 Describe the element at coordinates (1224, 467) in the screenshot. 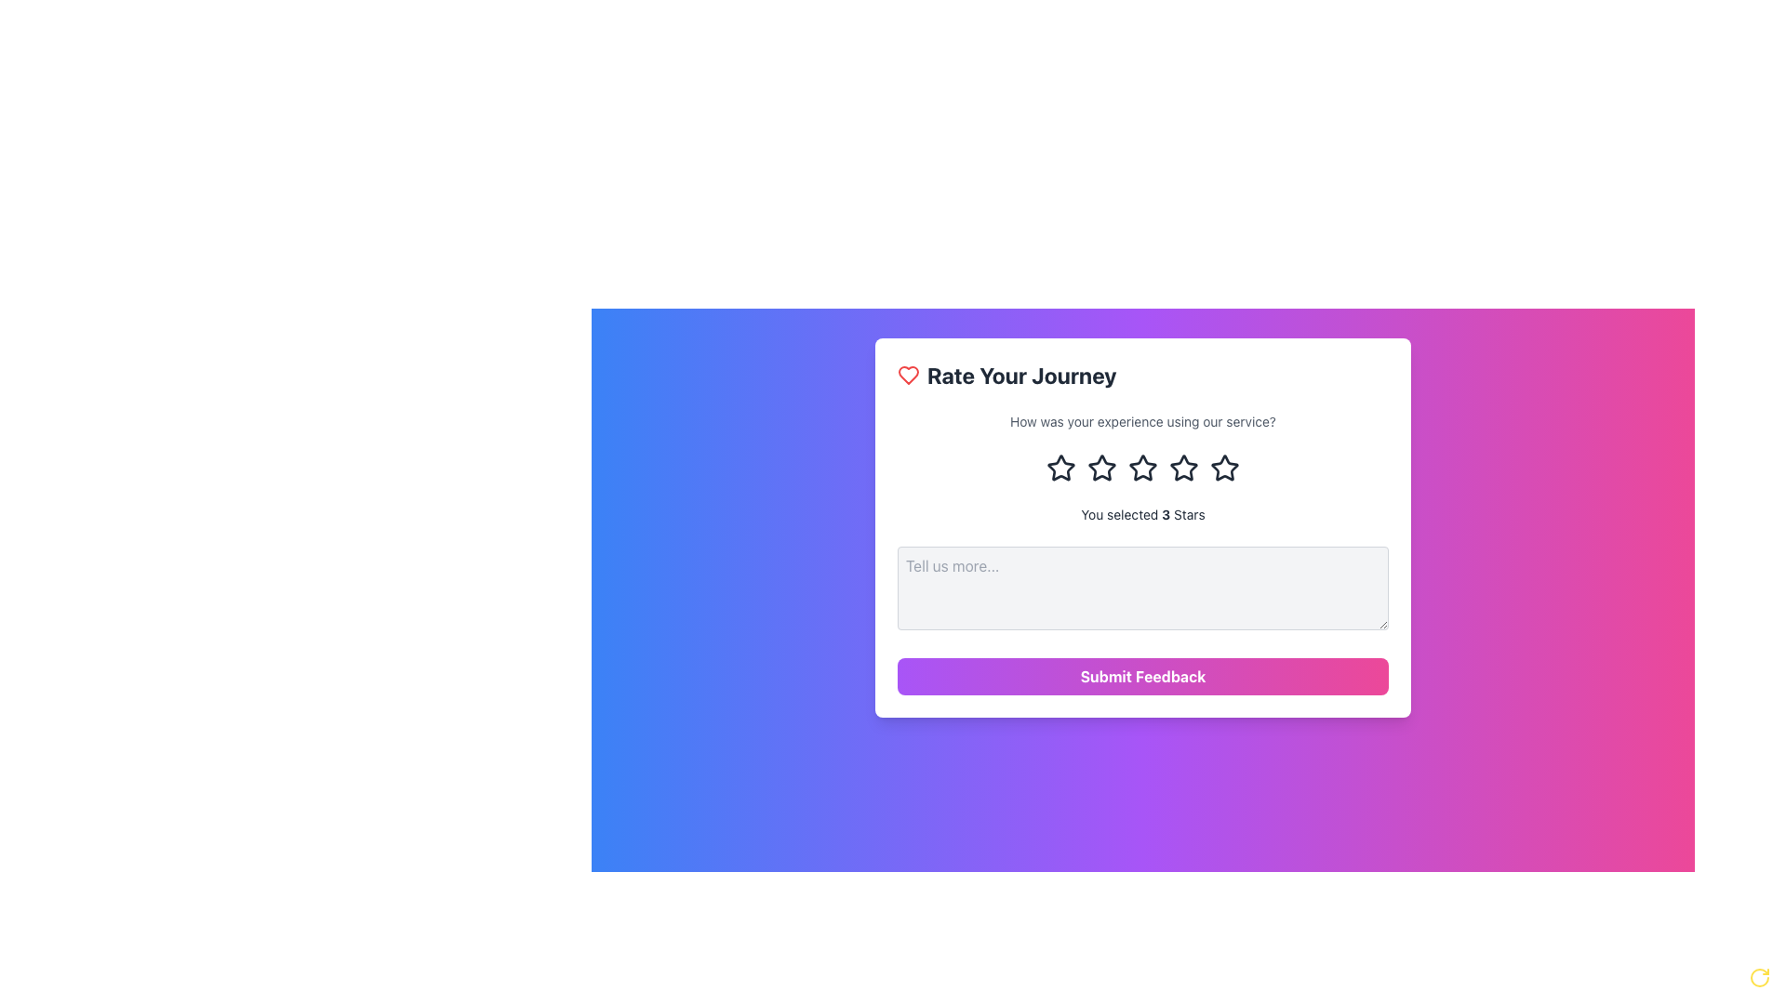

I see `the third star in the rating system` at that location.